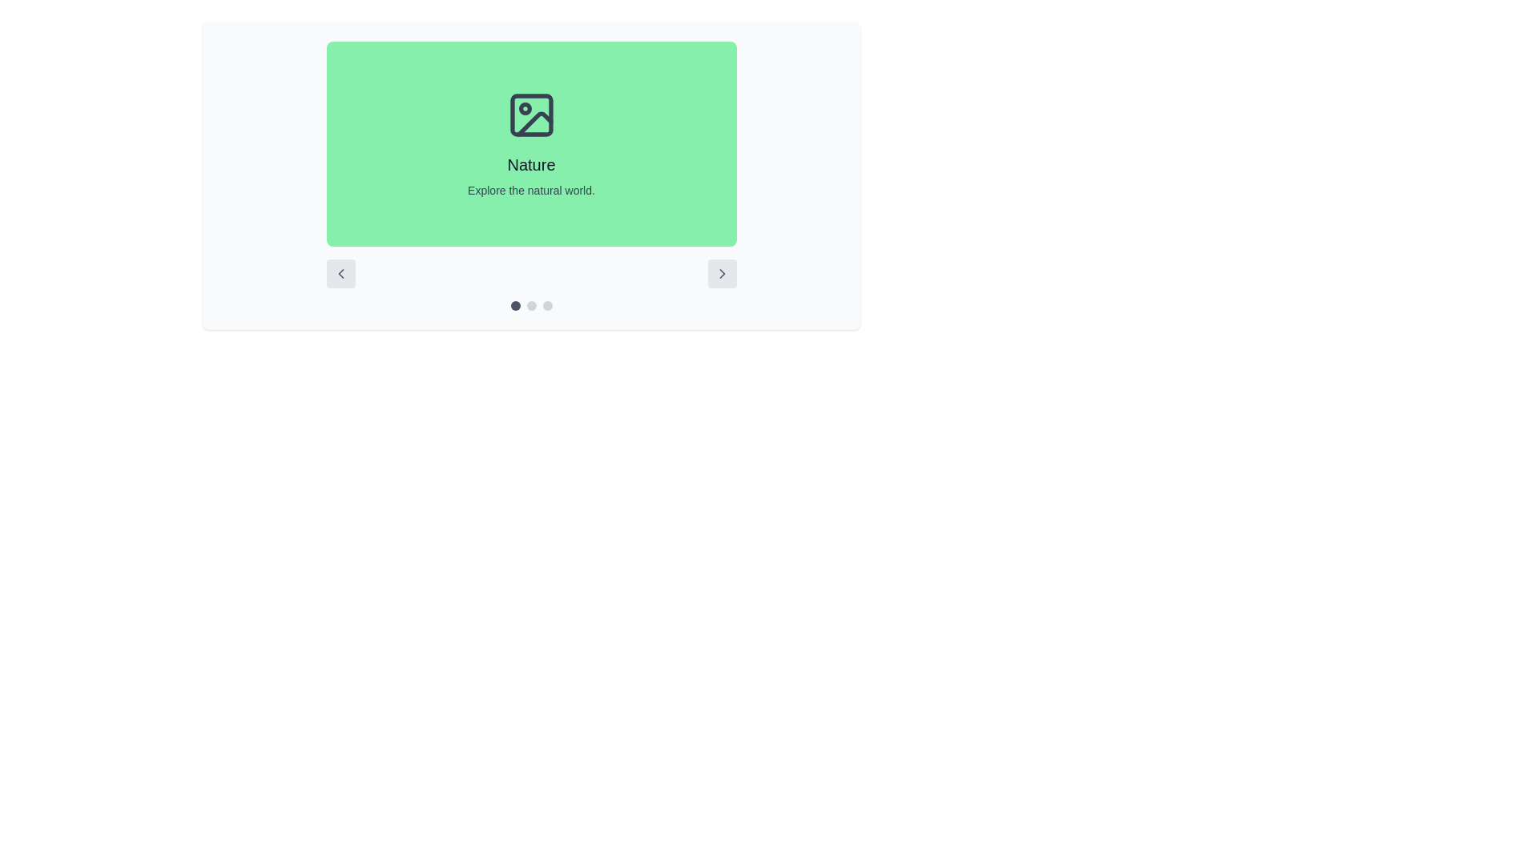 This screenshot has height=865, width=1538. Describe the element at coordinates (531, 164) in the screenshot. I see `bold-text label 'Culture' which is prominently displayed in a large font size with dark gray color against a green background` at that location.